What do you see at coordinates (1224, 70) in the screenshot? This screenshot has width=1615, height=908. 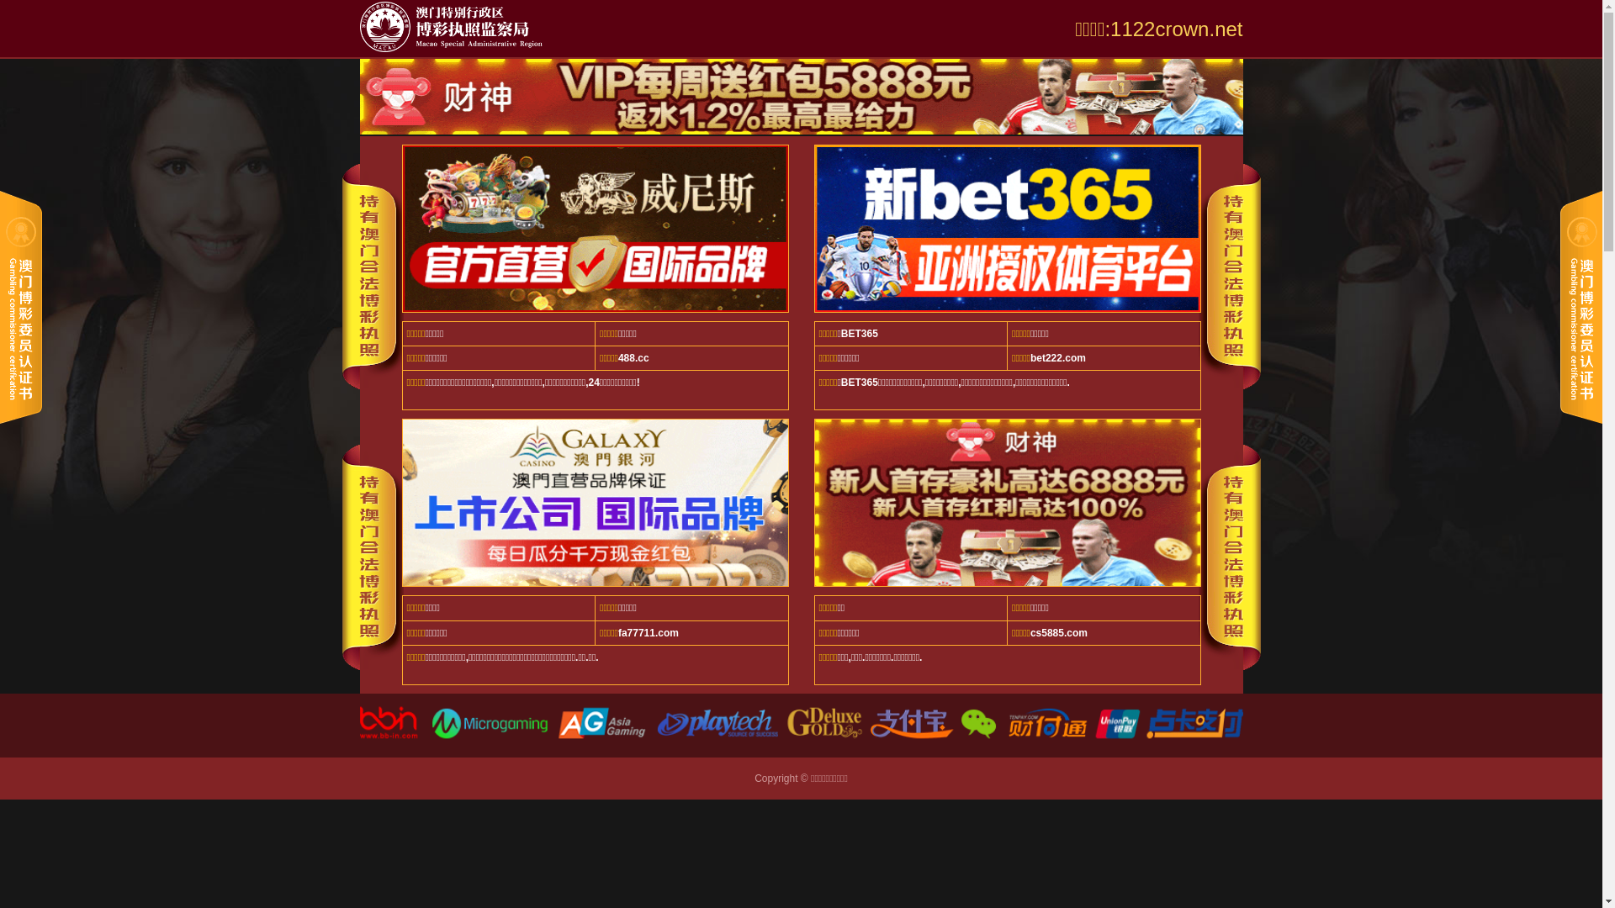 I see `'EN'` at bounding box center [1224, 70].